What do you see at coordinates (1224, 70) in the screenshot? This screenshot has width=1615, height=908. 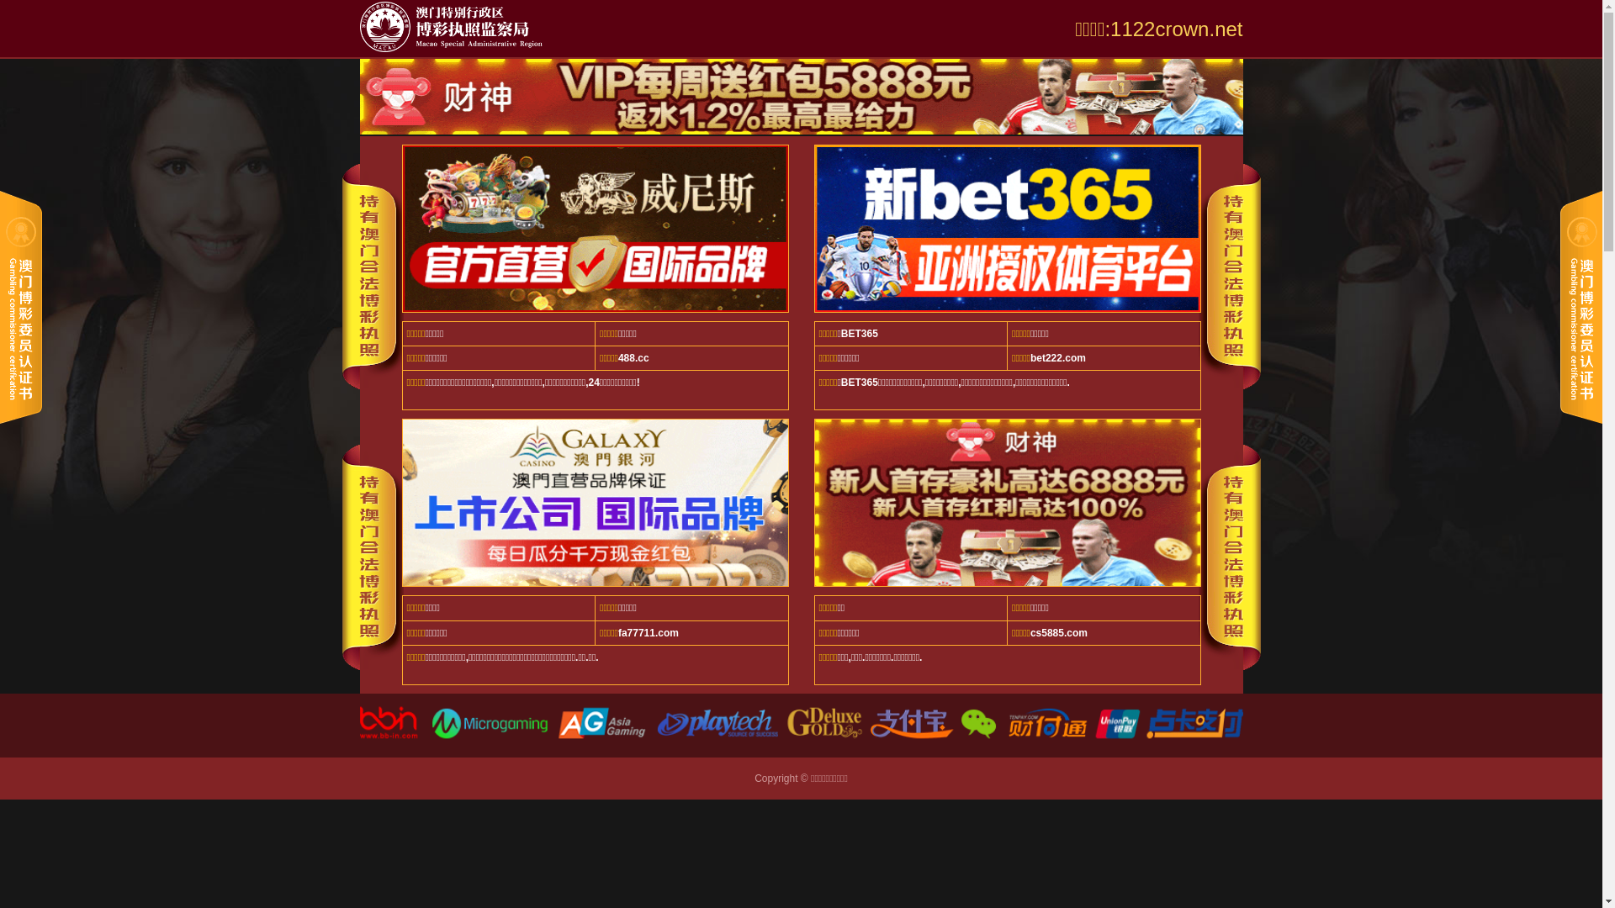 I see `'EN'` at bounding box center [1224, 70].